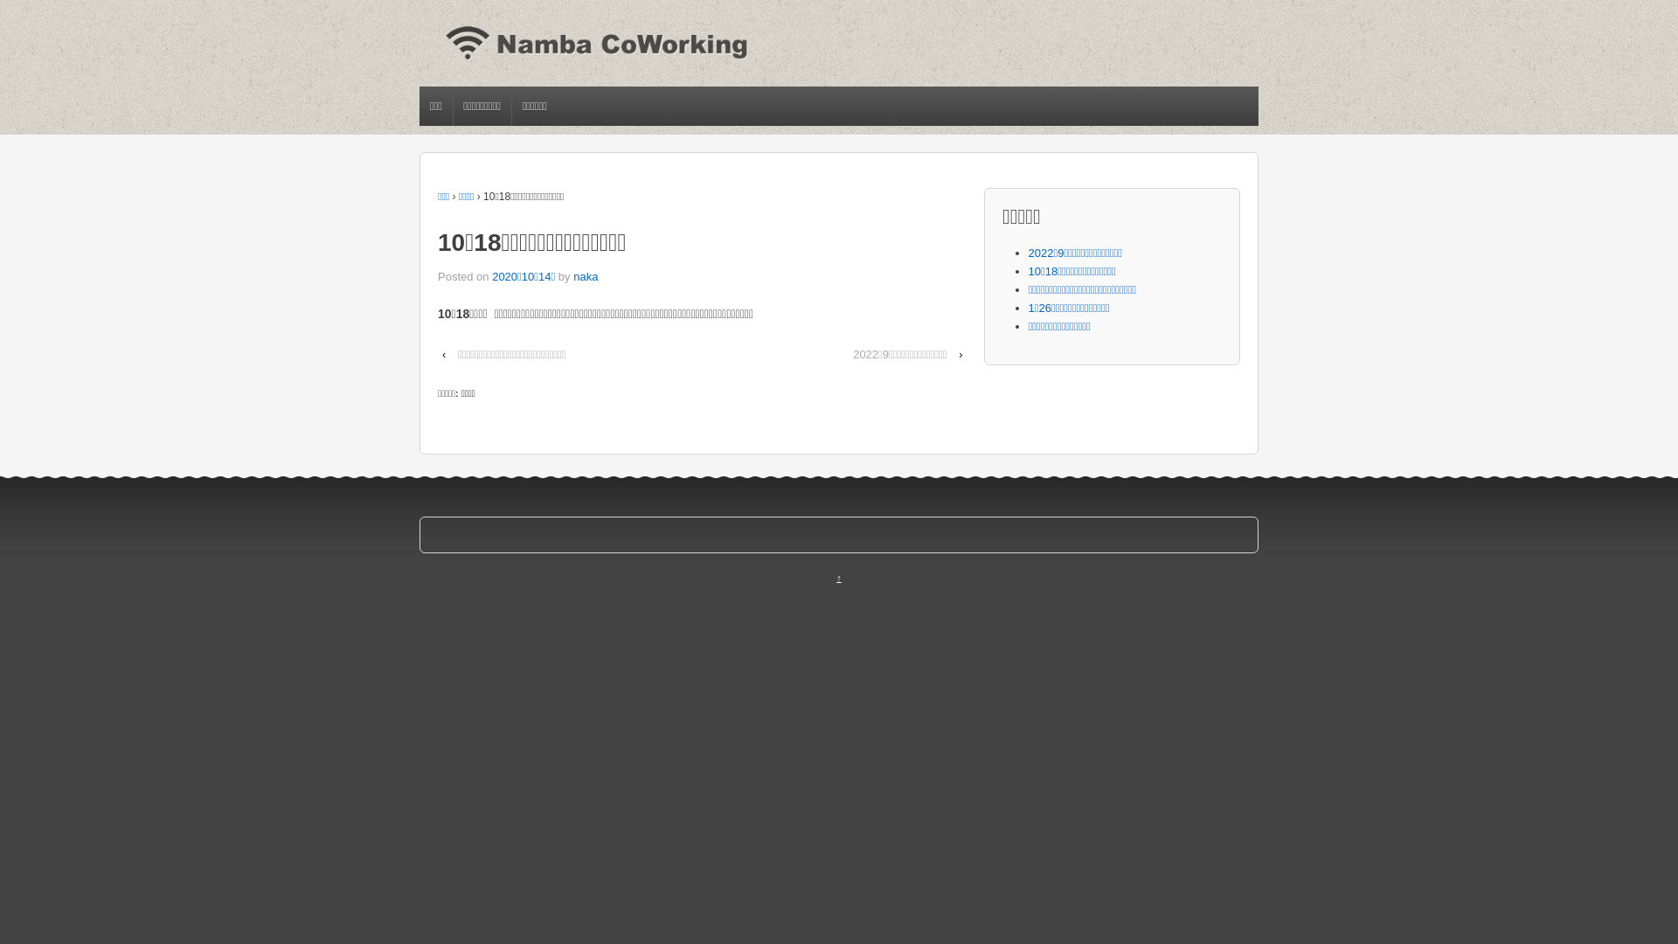 This screenshot has width=1678, height=944. Describe the element at coordinates (586, 275) in the screenshot. I see `'naka'` at that location.